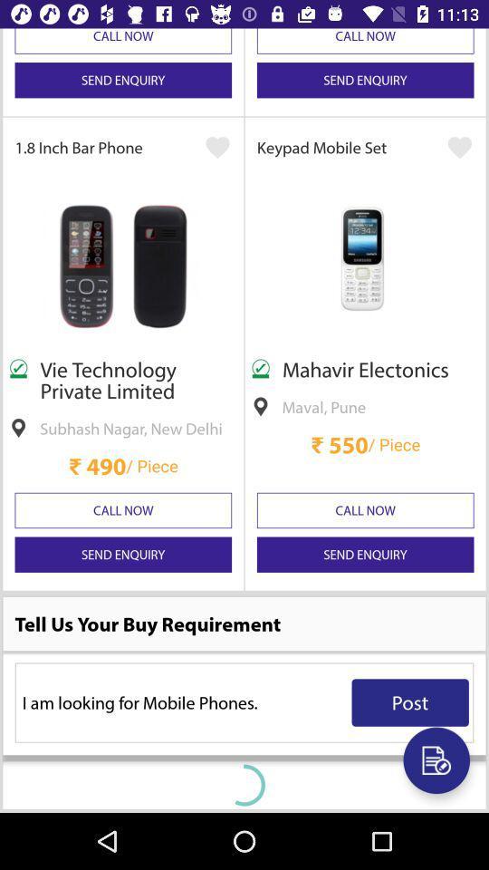 The image size is (489, 870). I want to click on the description icon, so click(436, 760).